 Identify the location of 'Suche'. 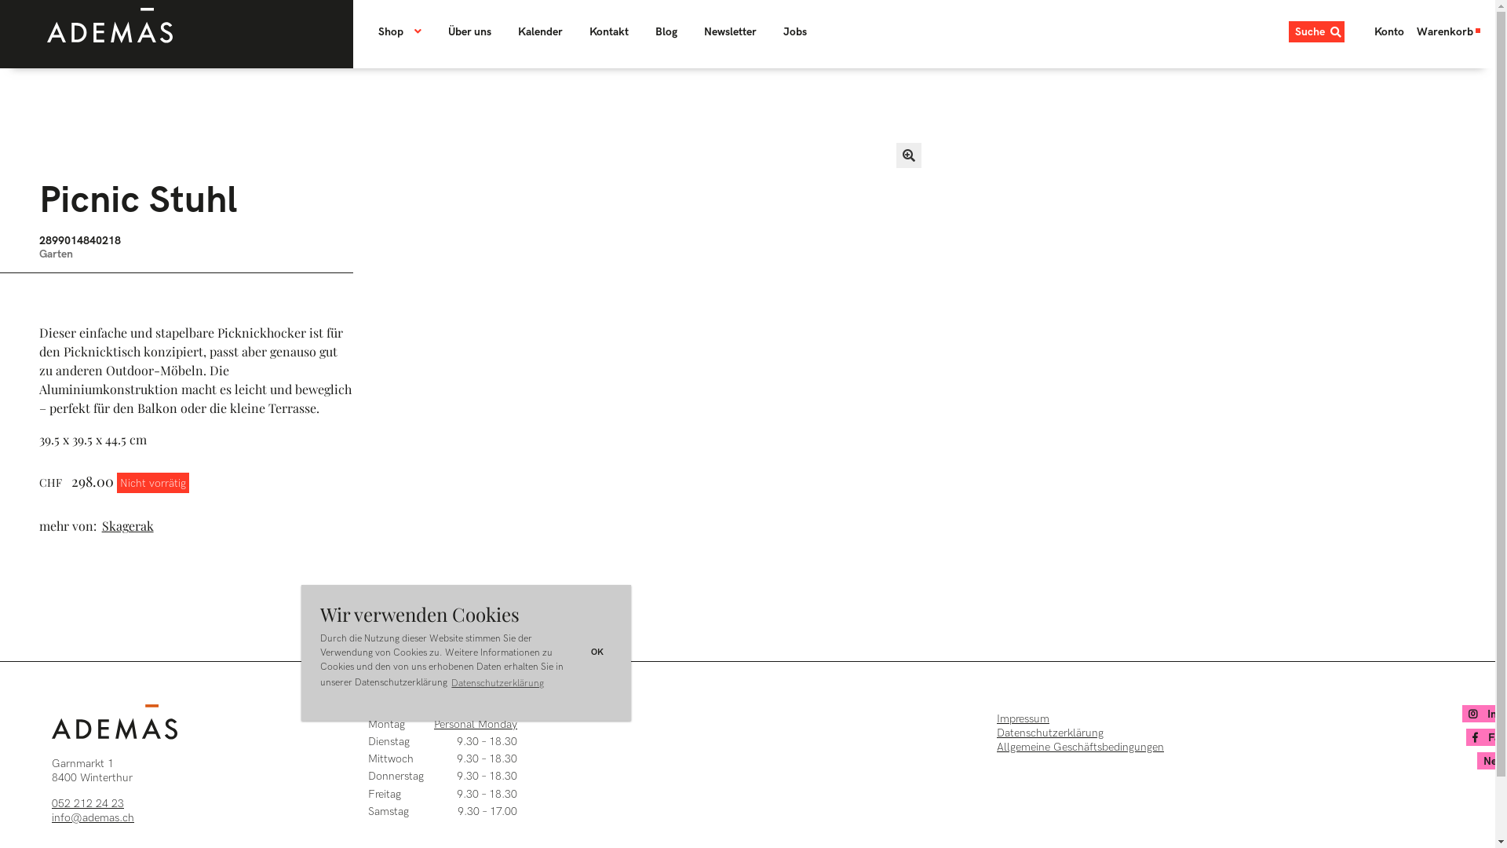
(1316, 31).